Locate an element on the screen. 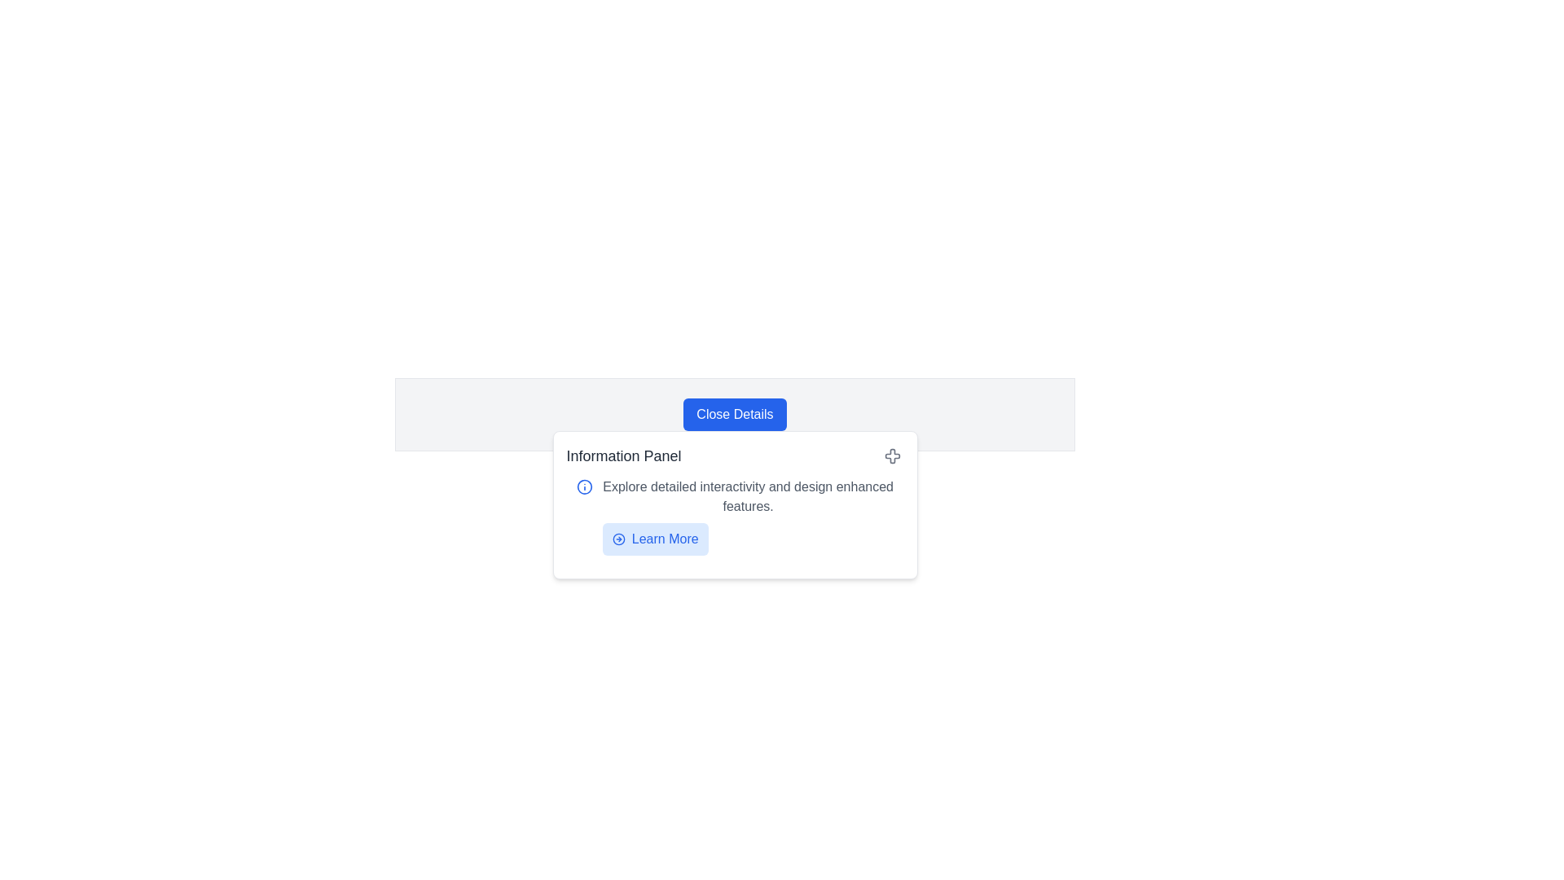  the gray cross icon located in the top-right corner of the 'Information Panel' dialog box is located at coordinates (891, 455).